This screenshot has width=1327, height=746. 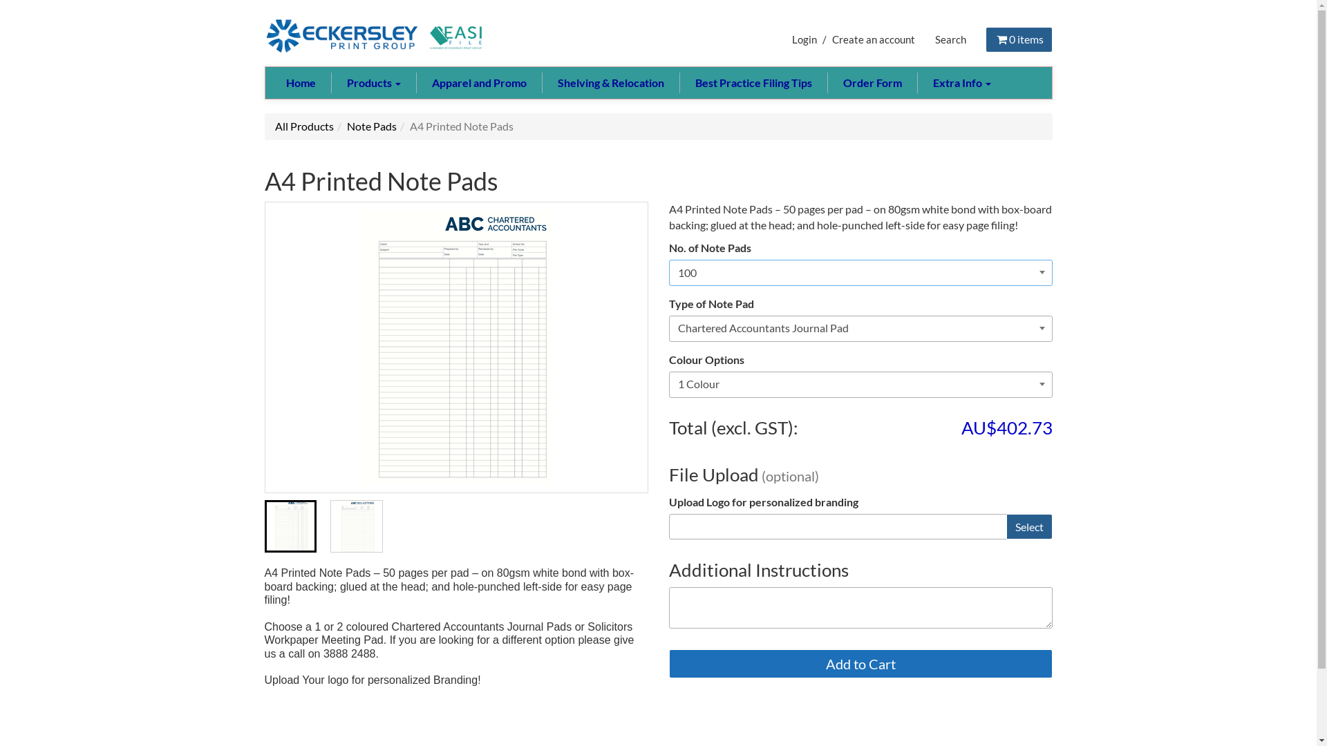 I want to click on 'Login', so click(x=804, y=39).